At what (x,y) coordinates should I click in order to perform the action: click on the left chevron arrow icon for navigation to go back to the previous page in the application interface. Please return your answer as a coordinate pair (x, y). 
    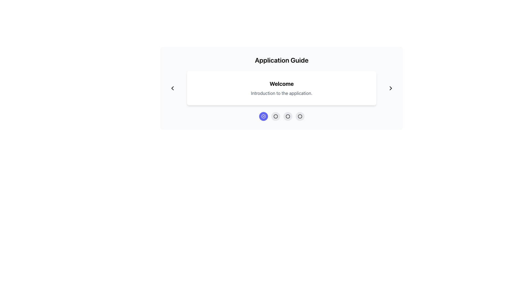
    Looking at the image, I should click on (172, 88).